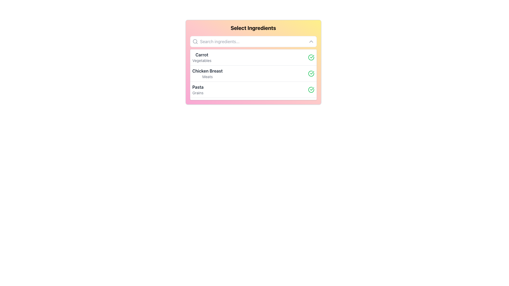 Image resolution: width=509 pixels, height=286 pixels. Describe the element at coordinates (311, 57) in the screenshot. I see `the visual state of the 'Carrot, Vegetables' SVG graphic icon indicating selection by clicking on it` at that location.